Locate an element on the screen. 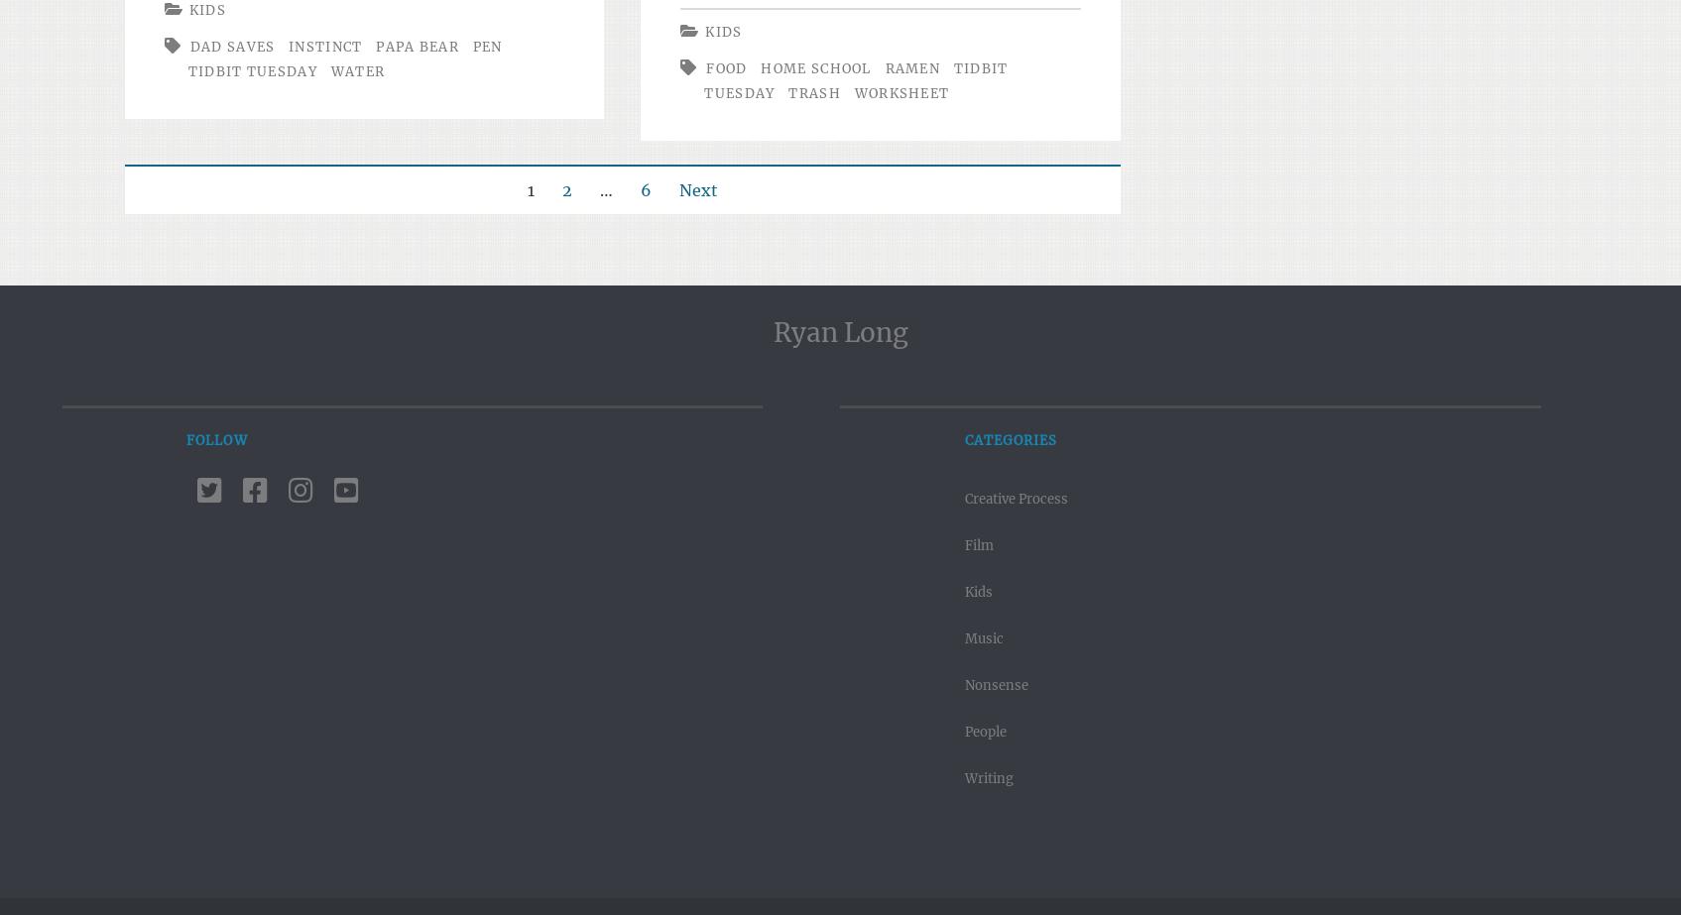  'Creative Process' is located at coordinates (964, 497).